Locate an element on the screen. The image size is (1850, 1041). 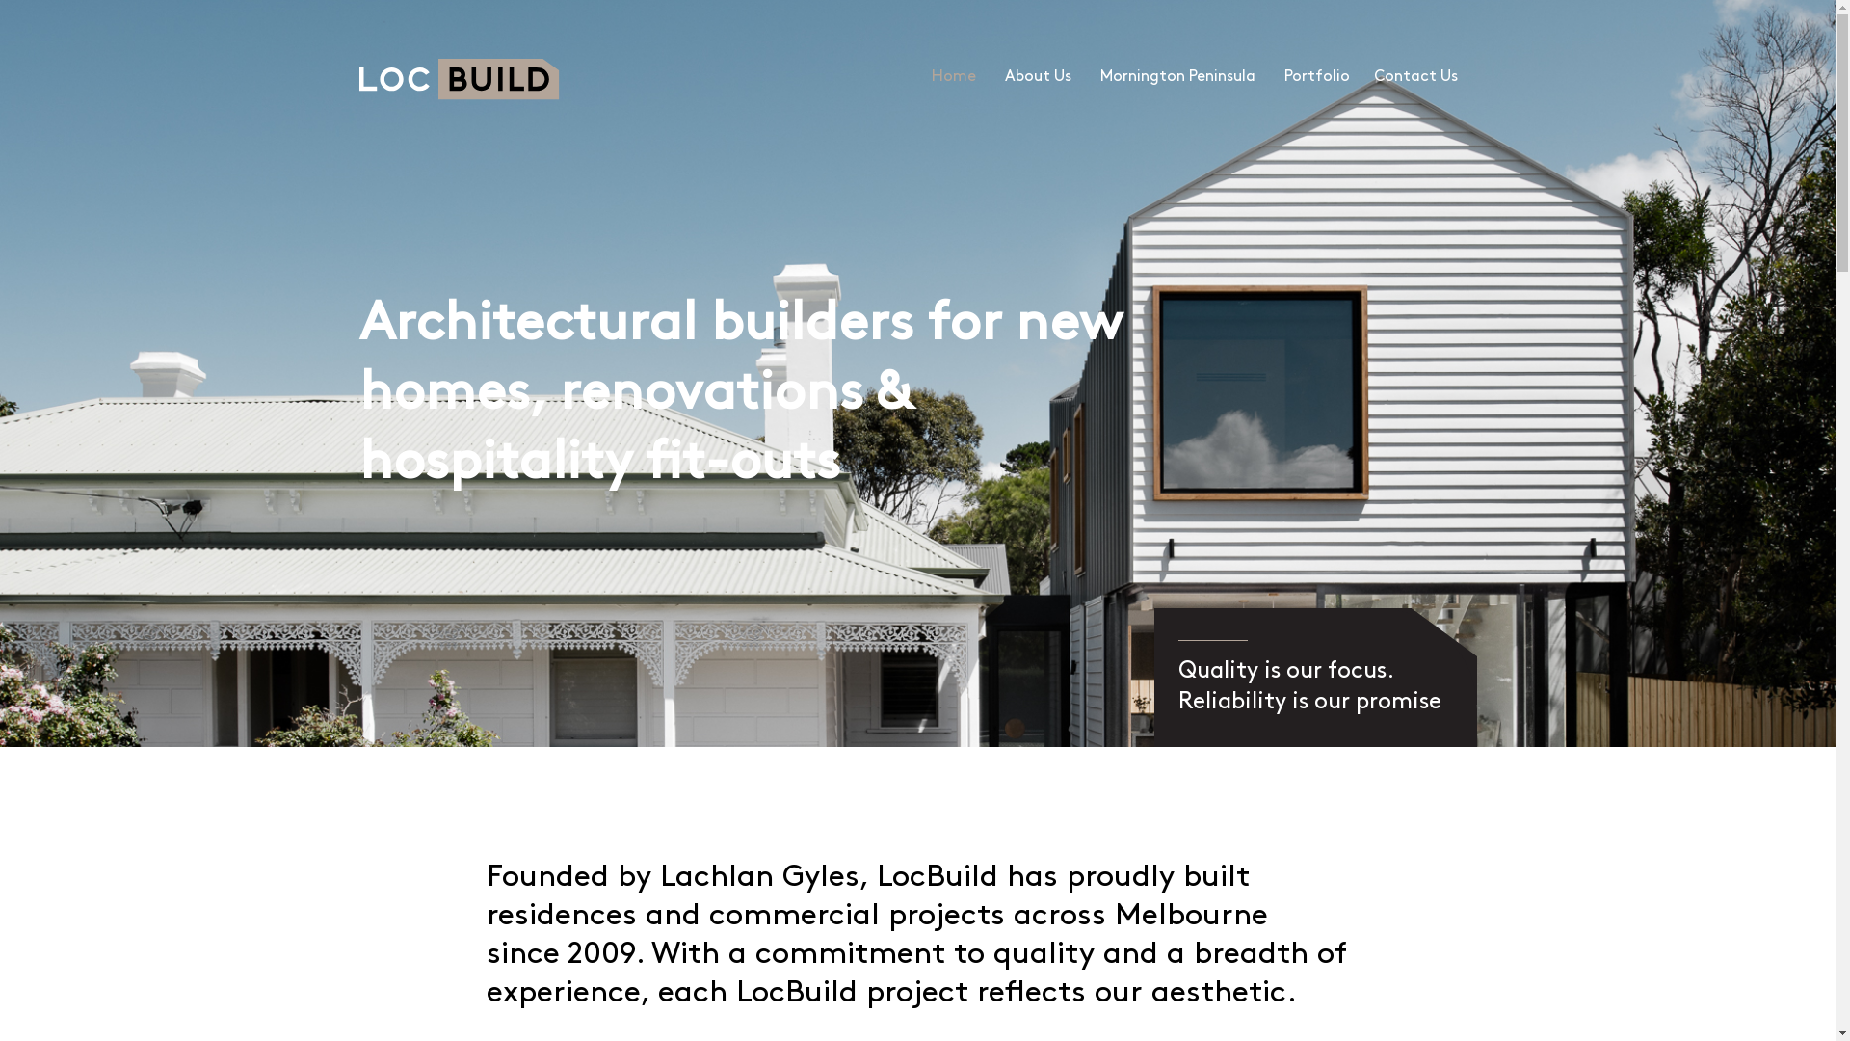
'Home' is located at coordinates (953, 76).